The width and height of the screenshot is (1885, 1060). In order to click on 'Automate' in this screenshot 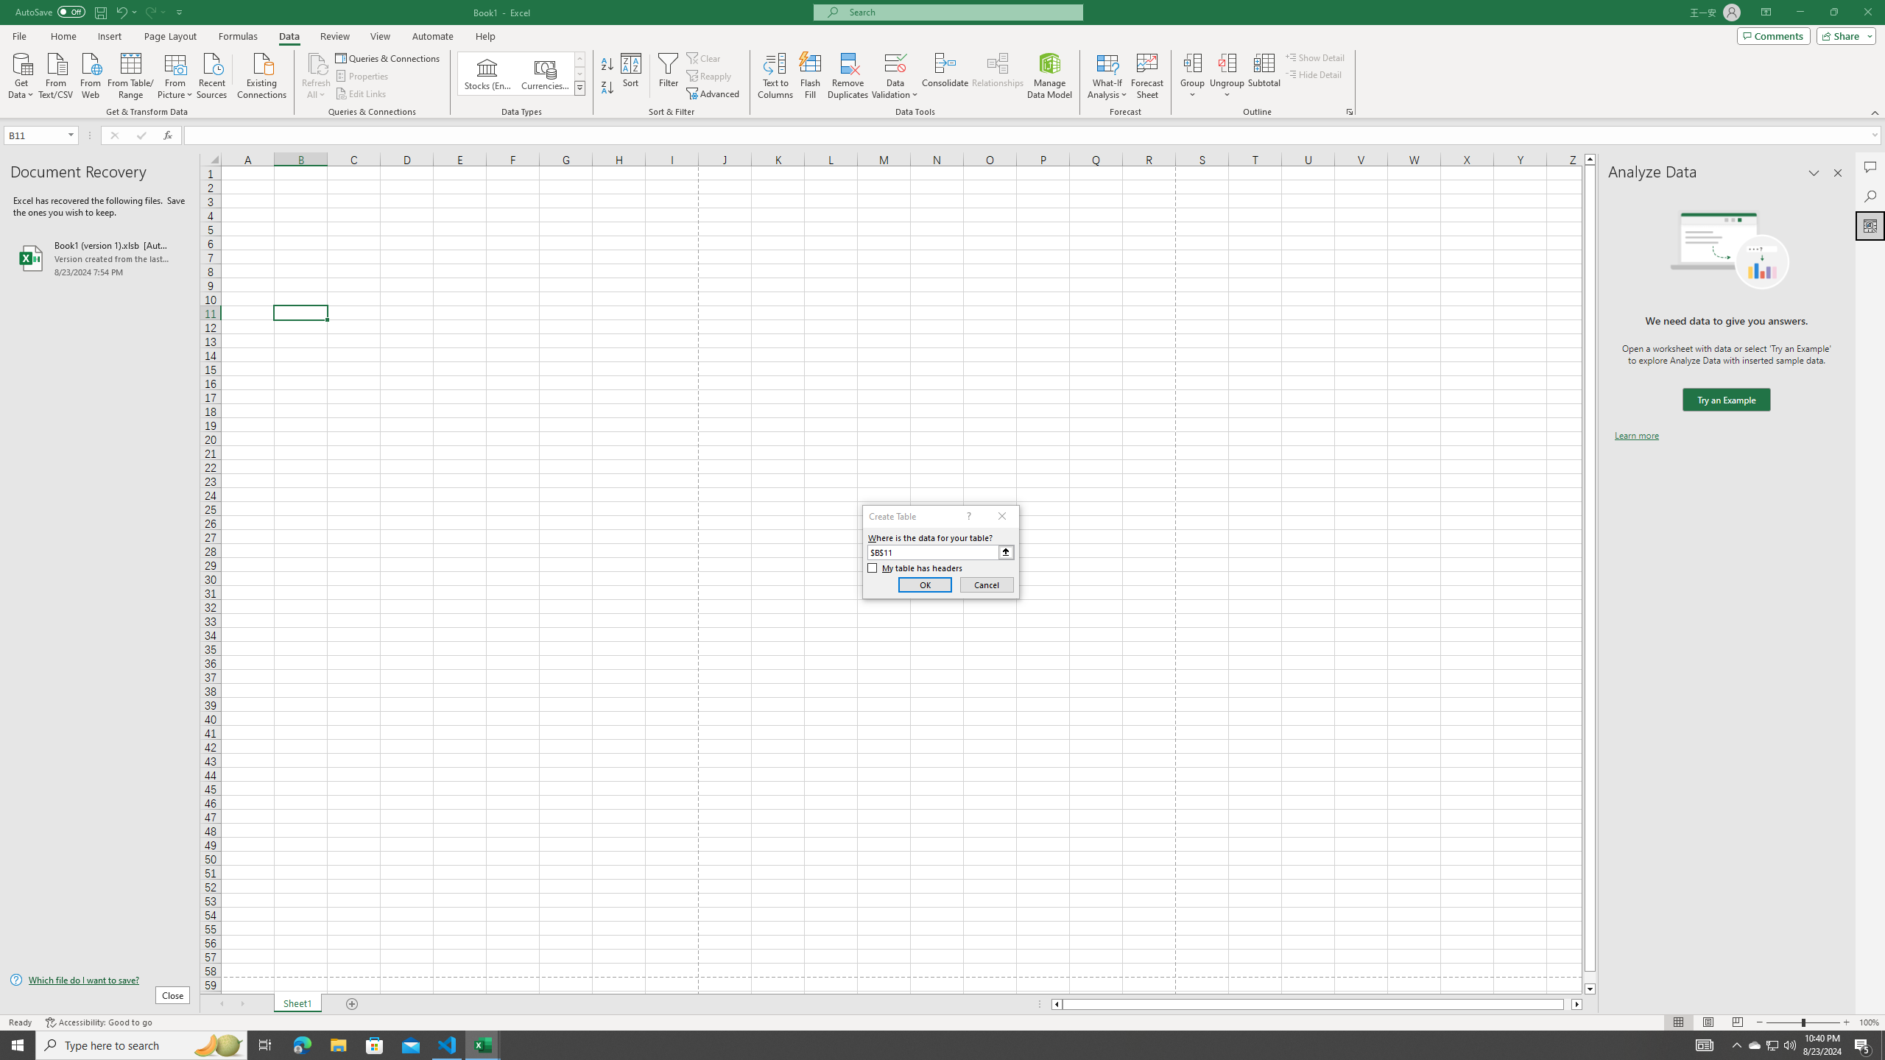, I will do `click(432, 36)`.